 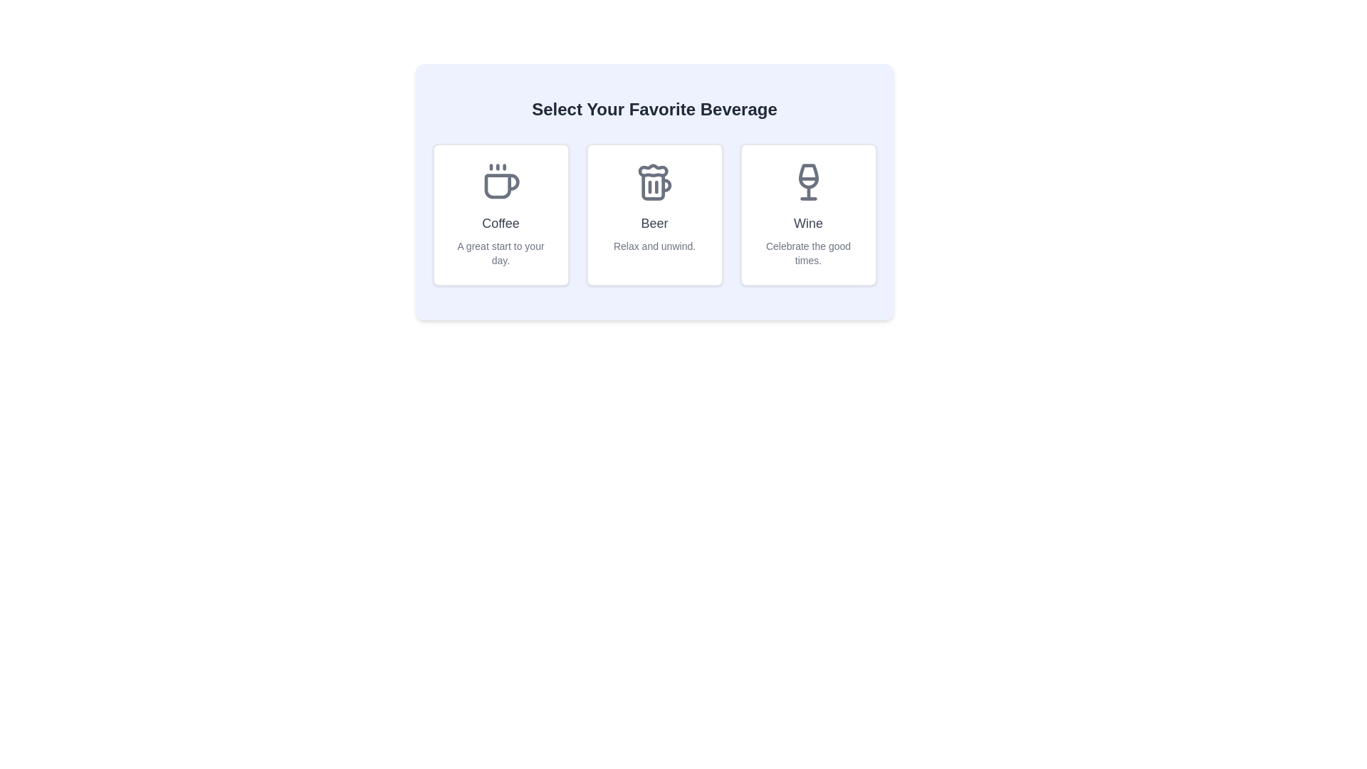 What do you see at coordinates (501, 181) in the screenshot?
I see `the 'Coffee' icon located in the first card labeled 'A great start to your day', positioned above the text 'Coffee'` at bounding box center [501, 181].